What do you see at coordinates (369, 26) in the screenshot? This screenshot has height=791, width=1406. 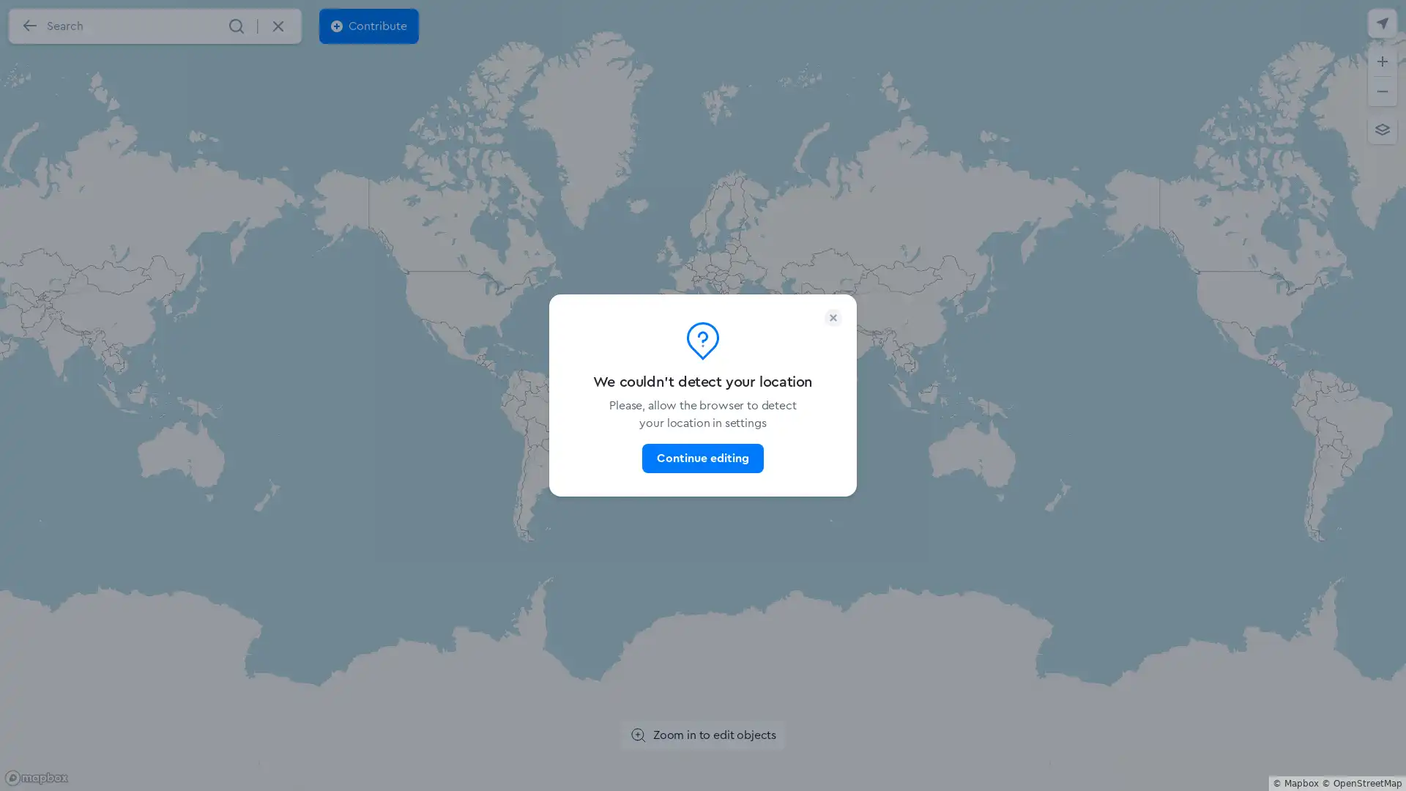 I see `Contribute` at bounding box center [369, 26].